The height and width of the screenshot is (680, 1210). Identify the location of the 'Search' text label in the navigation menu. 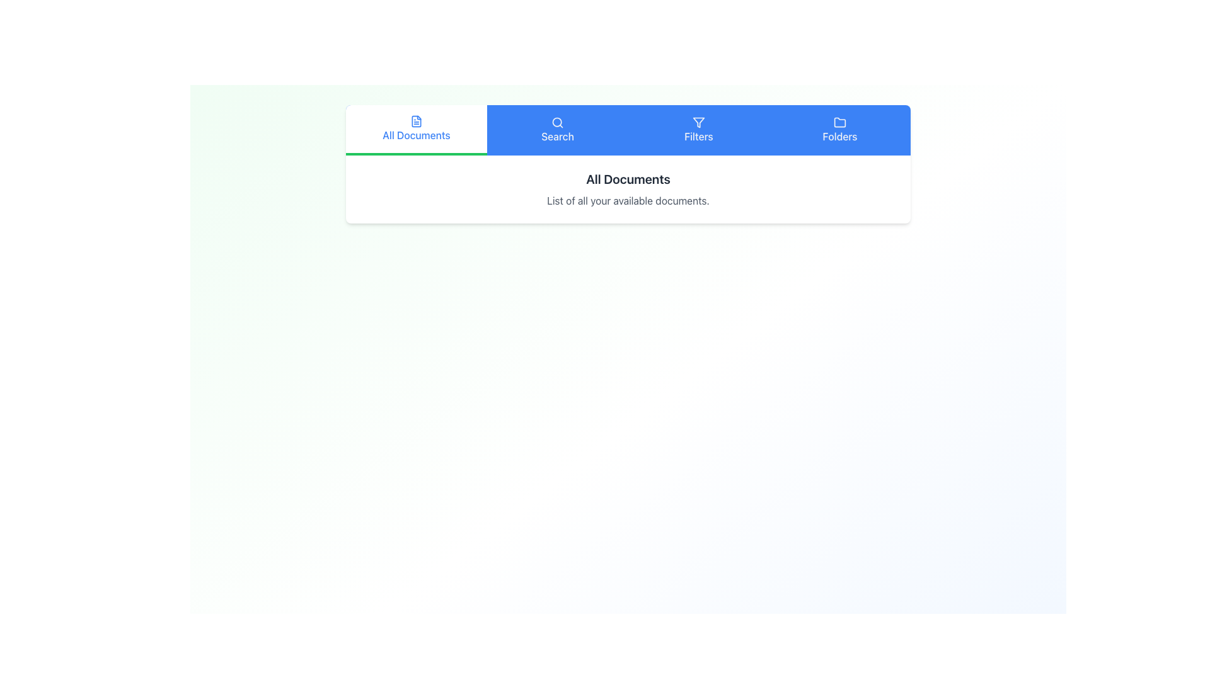
(556, 136).